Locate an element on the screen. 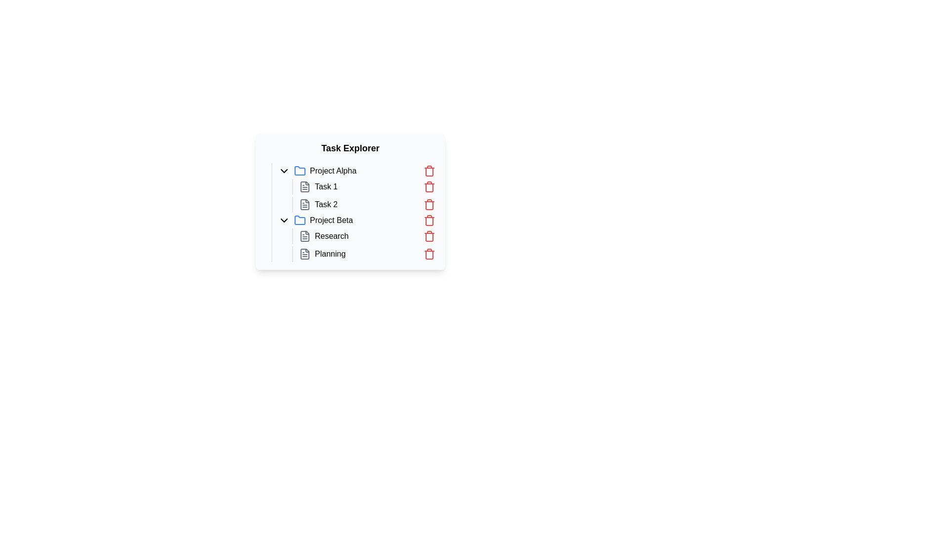 The width and height of the screenshot is (949, 534). the text label 'Task 2' in the task management interface, which is part of the list under 'Project Alpha' is located at coordinates (326, 204).